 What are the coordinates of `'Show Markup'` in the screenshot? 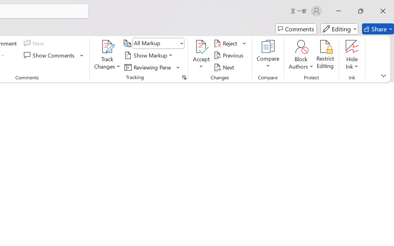 It's located at (149, 55).